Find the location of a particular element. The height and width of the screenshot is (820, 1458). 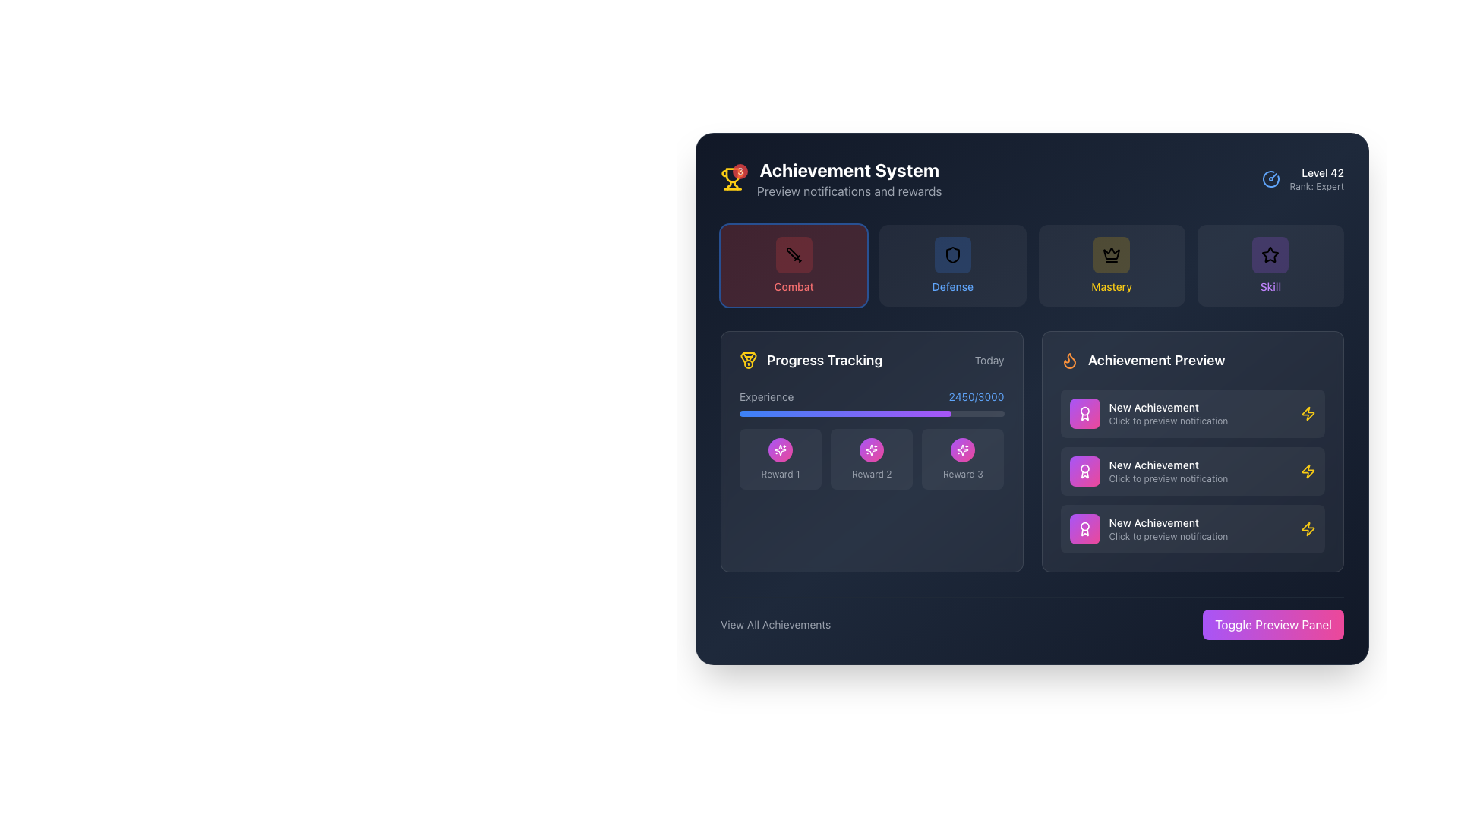

the text label element displaying 'Achievement Preview', which is styled in white on a dark blue background and located on the right-hand side of the interface, following two flame-related icons is located at coordinates (1155, 360).